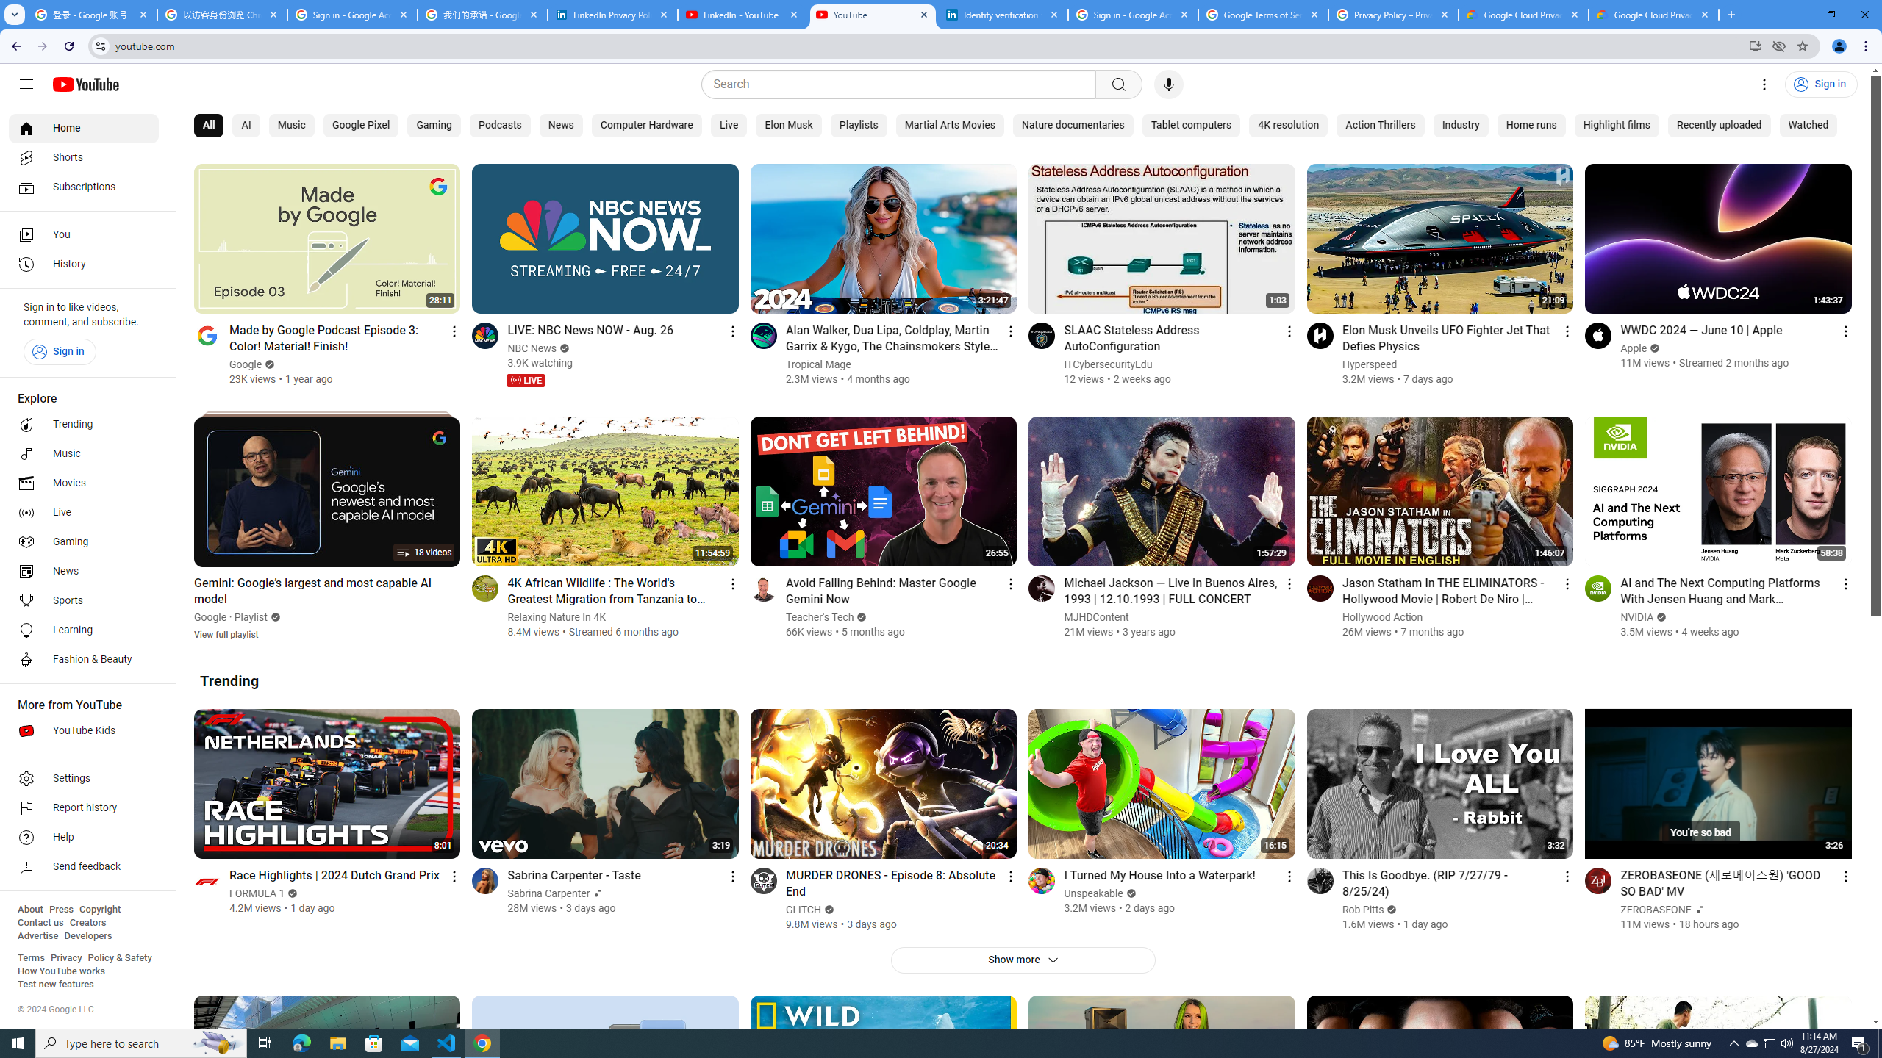 The height and width of the screenshot is (1058, 1882). I want to click on 'LinkedIn Privacy Policy', so click(612, 14).